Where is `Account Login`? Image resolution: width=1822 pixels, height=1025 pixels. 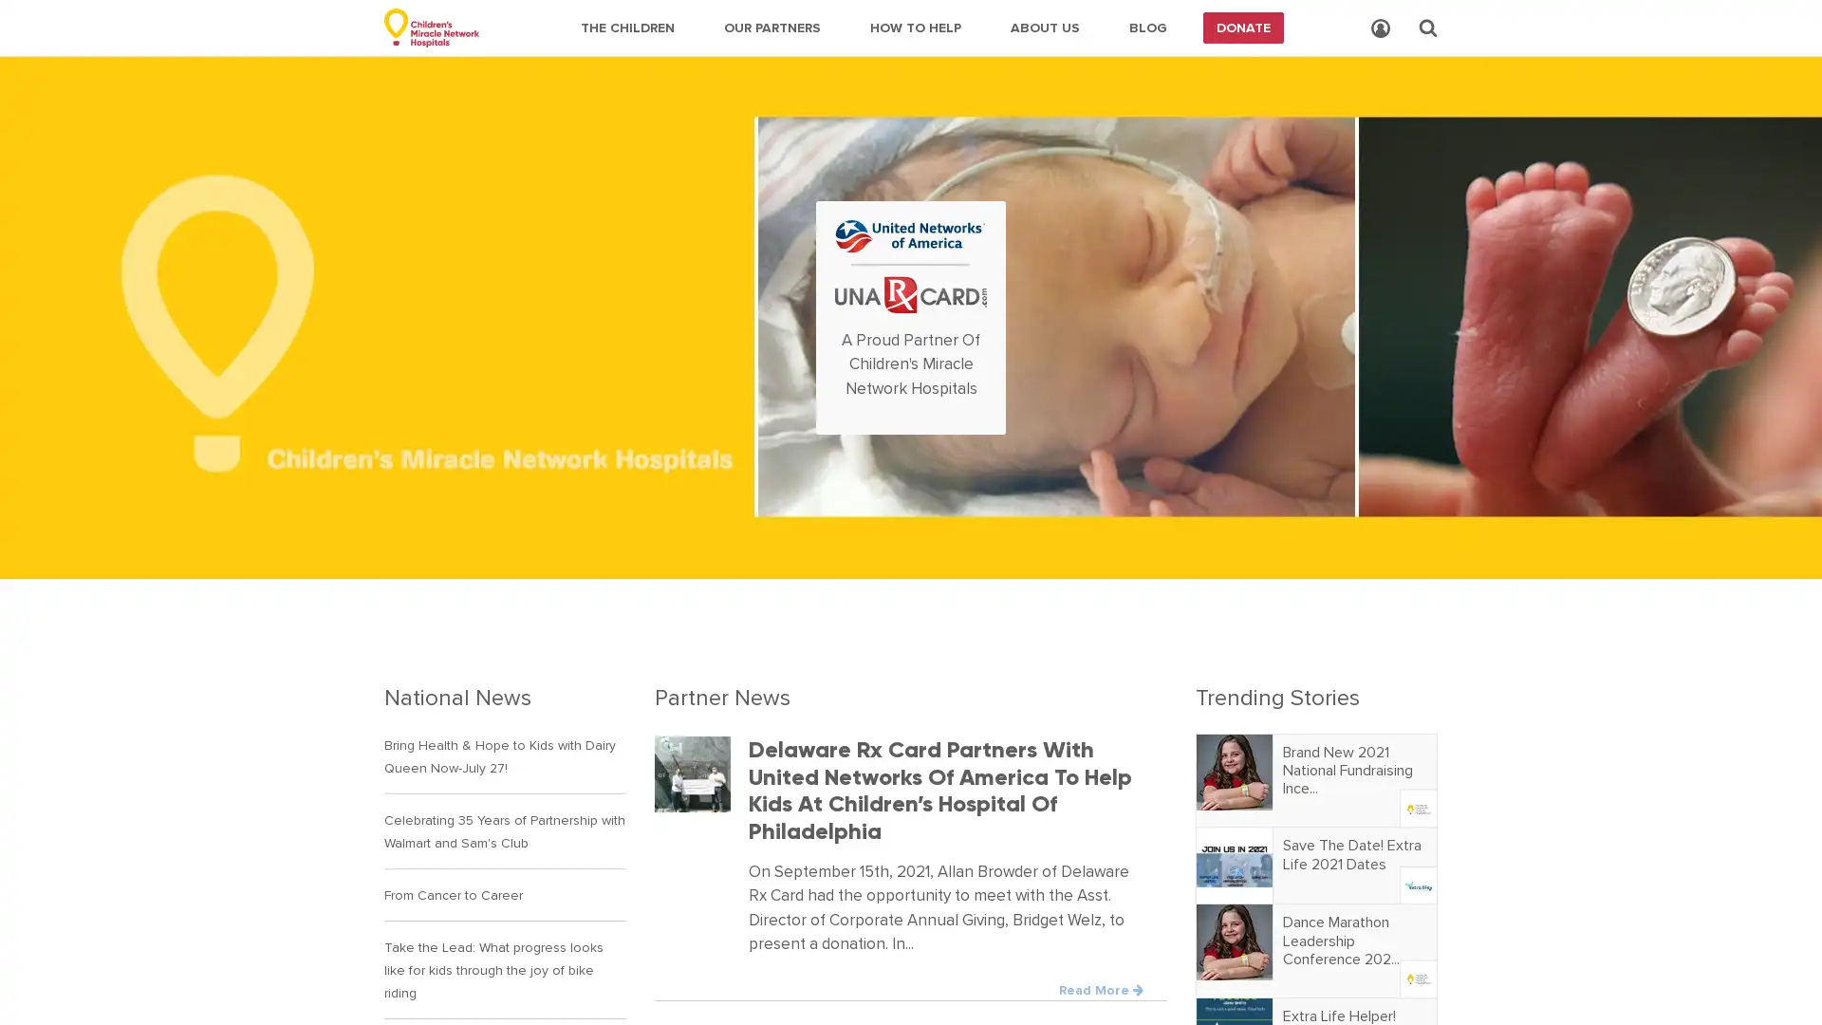 Account Login is located at coordinates (1380, 28).